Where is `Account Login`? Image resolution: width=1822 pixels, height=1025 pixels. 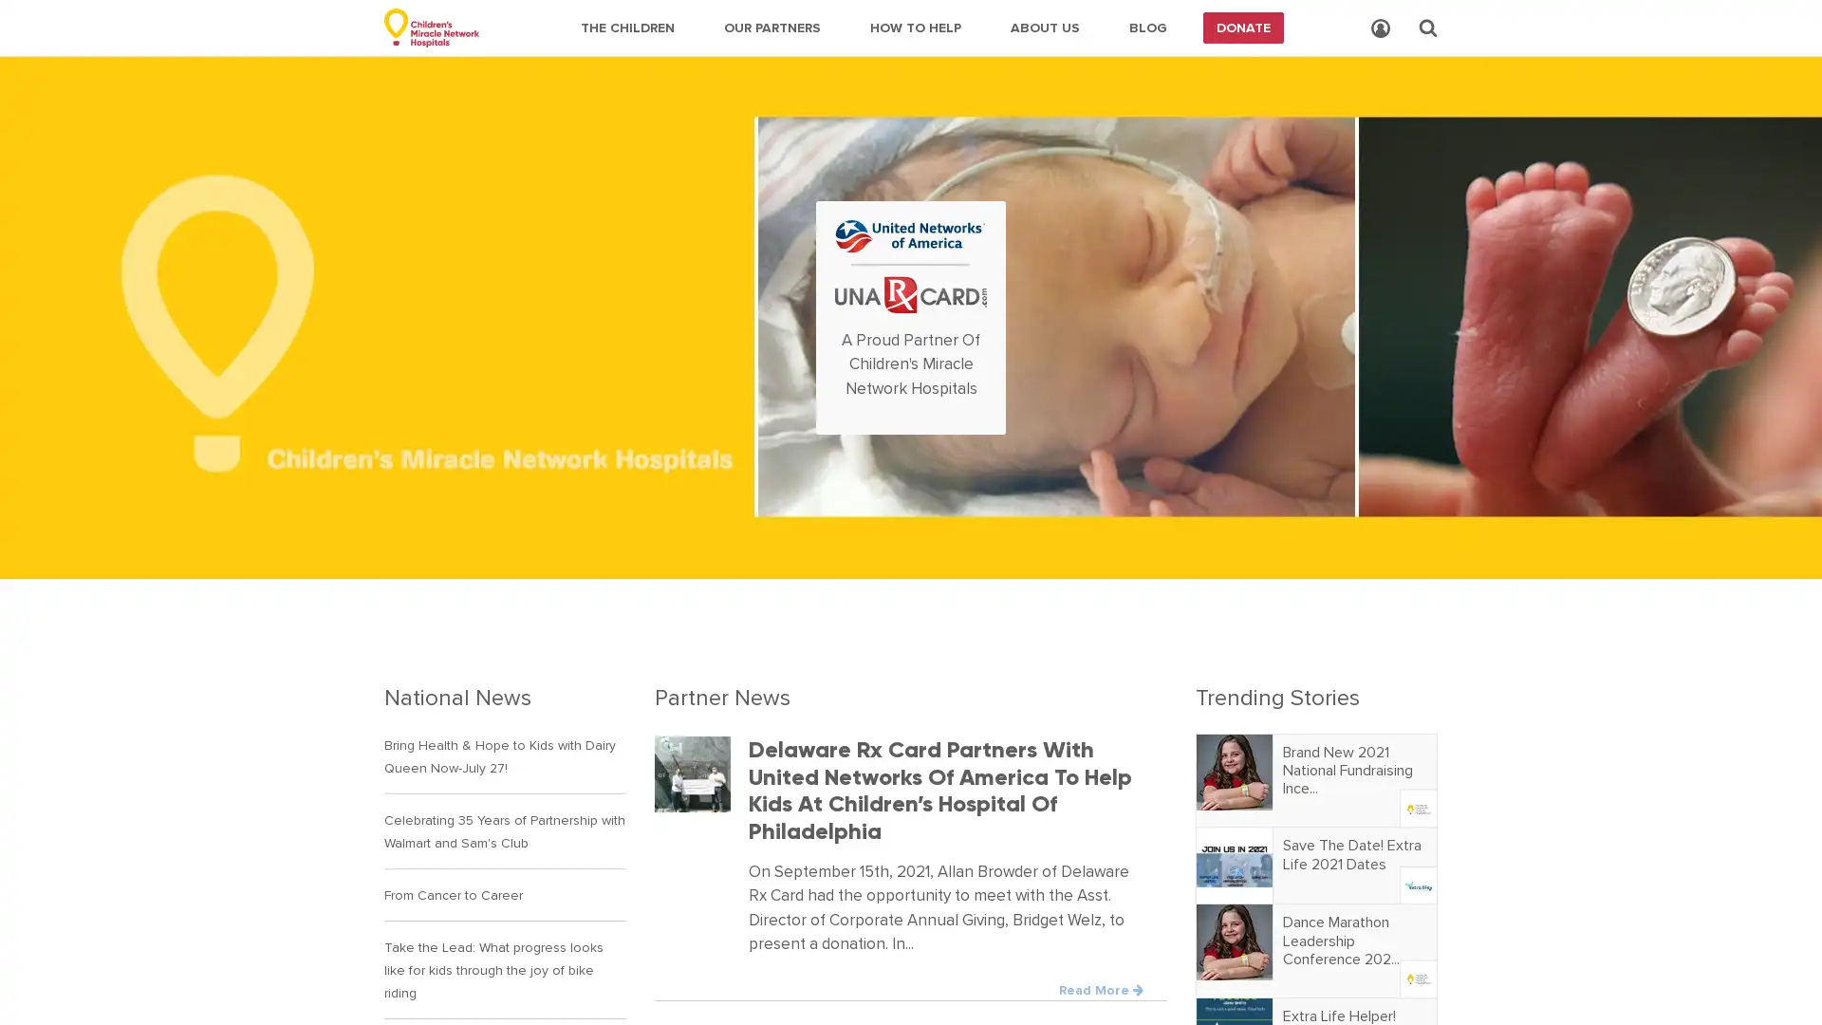 Account Login is located at coordinates (1380, 28).